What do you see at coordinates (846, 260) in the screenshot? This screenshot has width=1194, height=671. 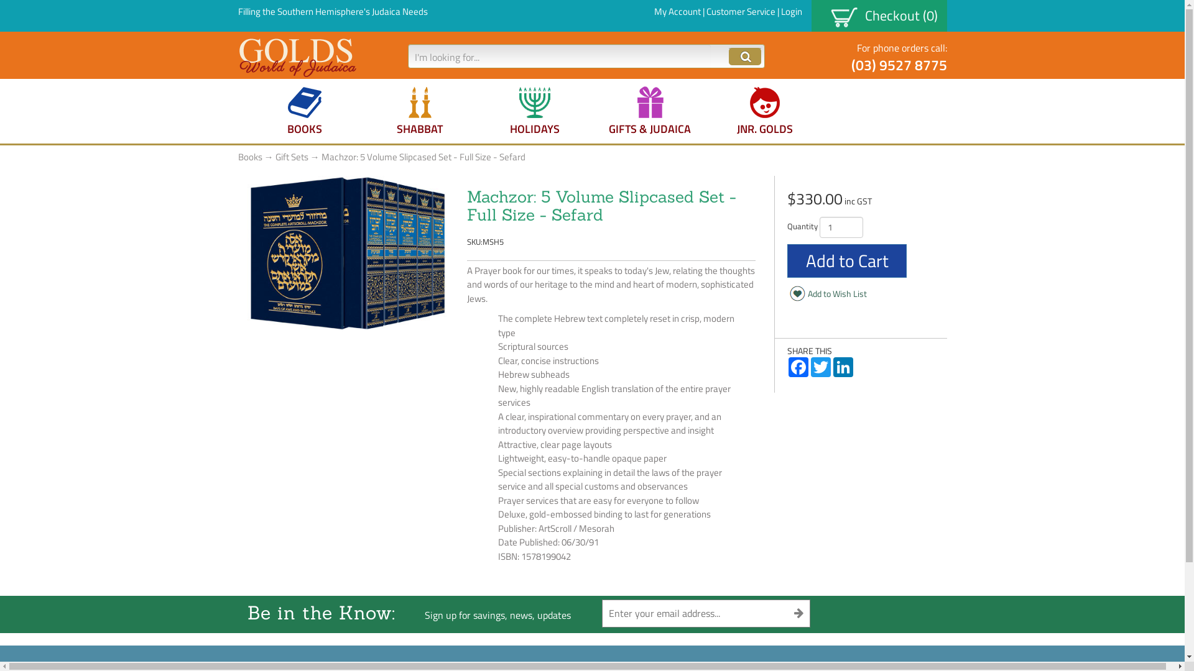 I see `'Add to Cart'` at bounding box center [846, 260].